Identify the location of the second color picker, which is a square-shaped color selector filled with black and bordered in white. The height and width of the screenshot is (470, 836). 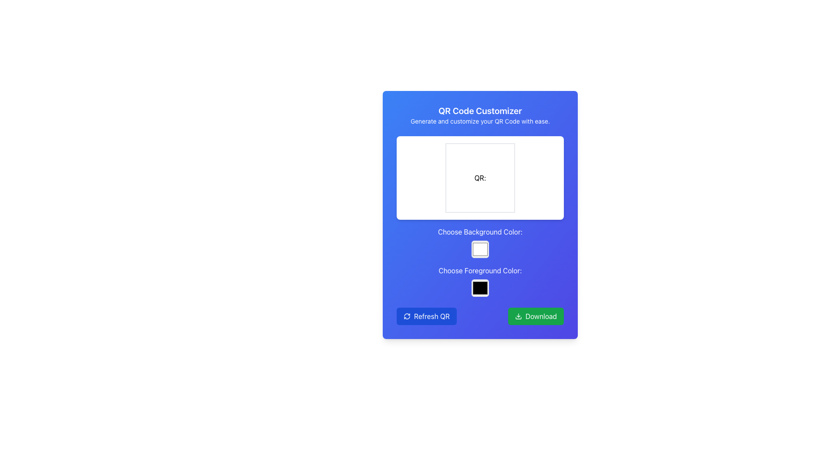
(480, 288).